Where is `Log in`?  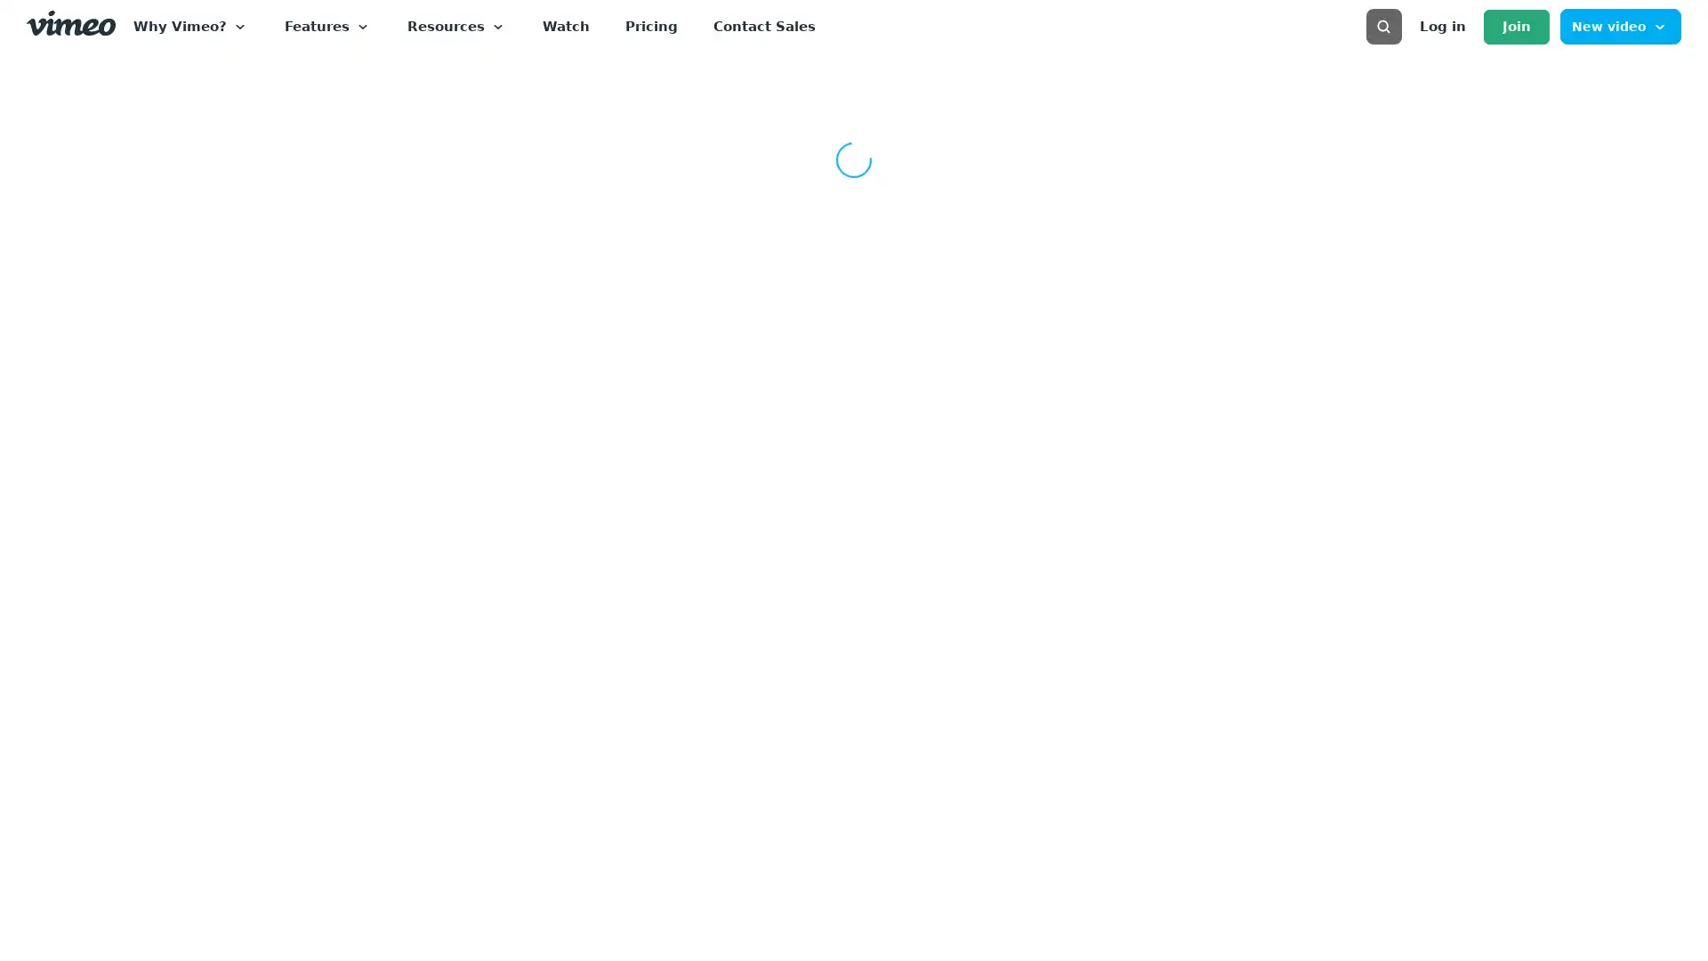 Log in is located at coordinates (1442, 27).